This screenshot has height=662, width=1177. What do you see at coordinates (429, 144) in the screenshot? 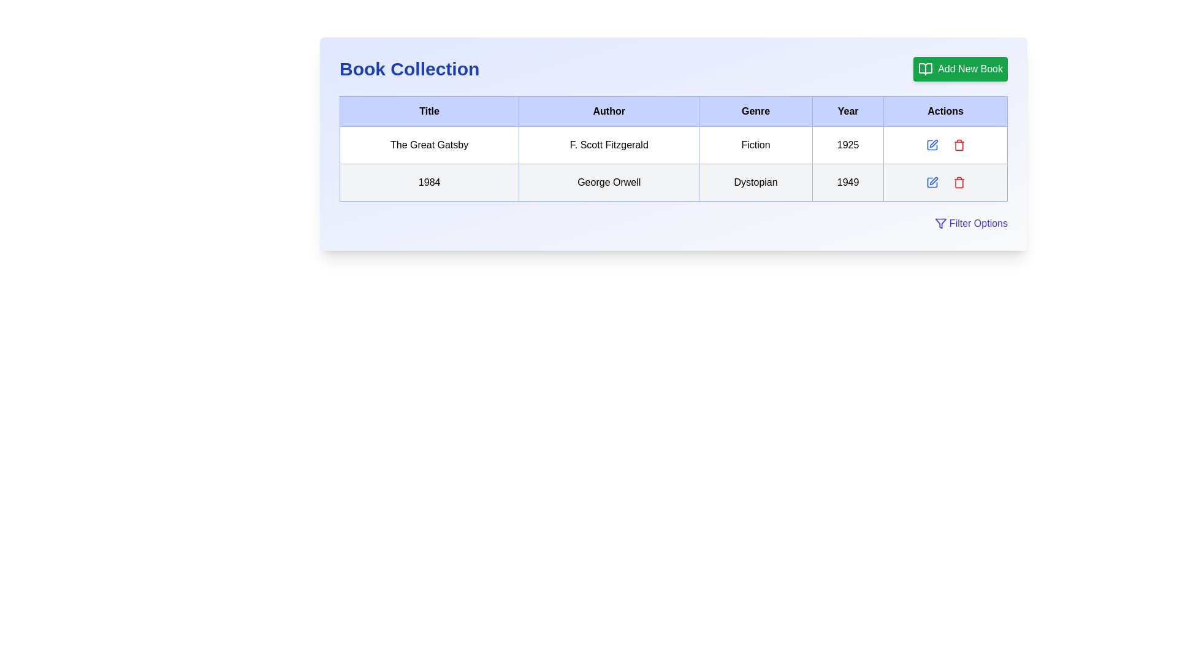
I see `text content from the text block styled with padding and an indigo border that contains the title 'The Great Gatsby', located in the first column of the first row in a table-like structure` at bounding box center [429, 144].